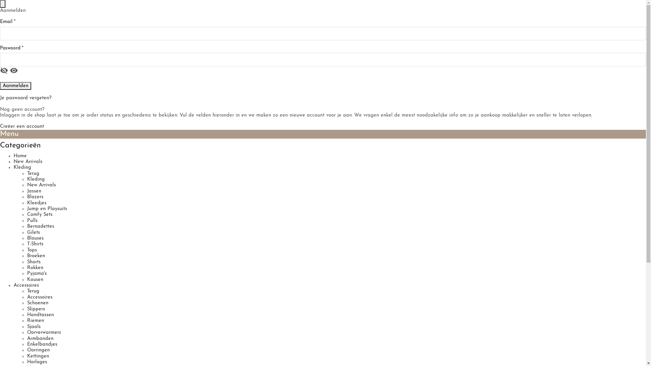 The height and width of the screenshot is (366, 651). Describe the element at coordinates (26, 285) in the screenshot. I see `'Accessoires'` at that location.